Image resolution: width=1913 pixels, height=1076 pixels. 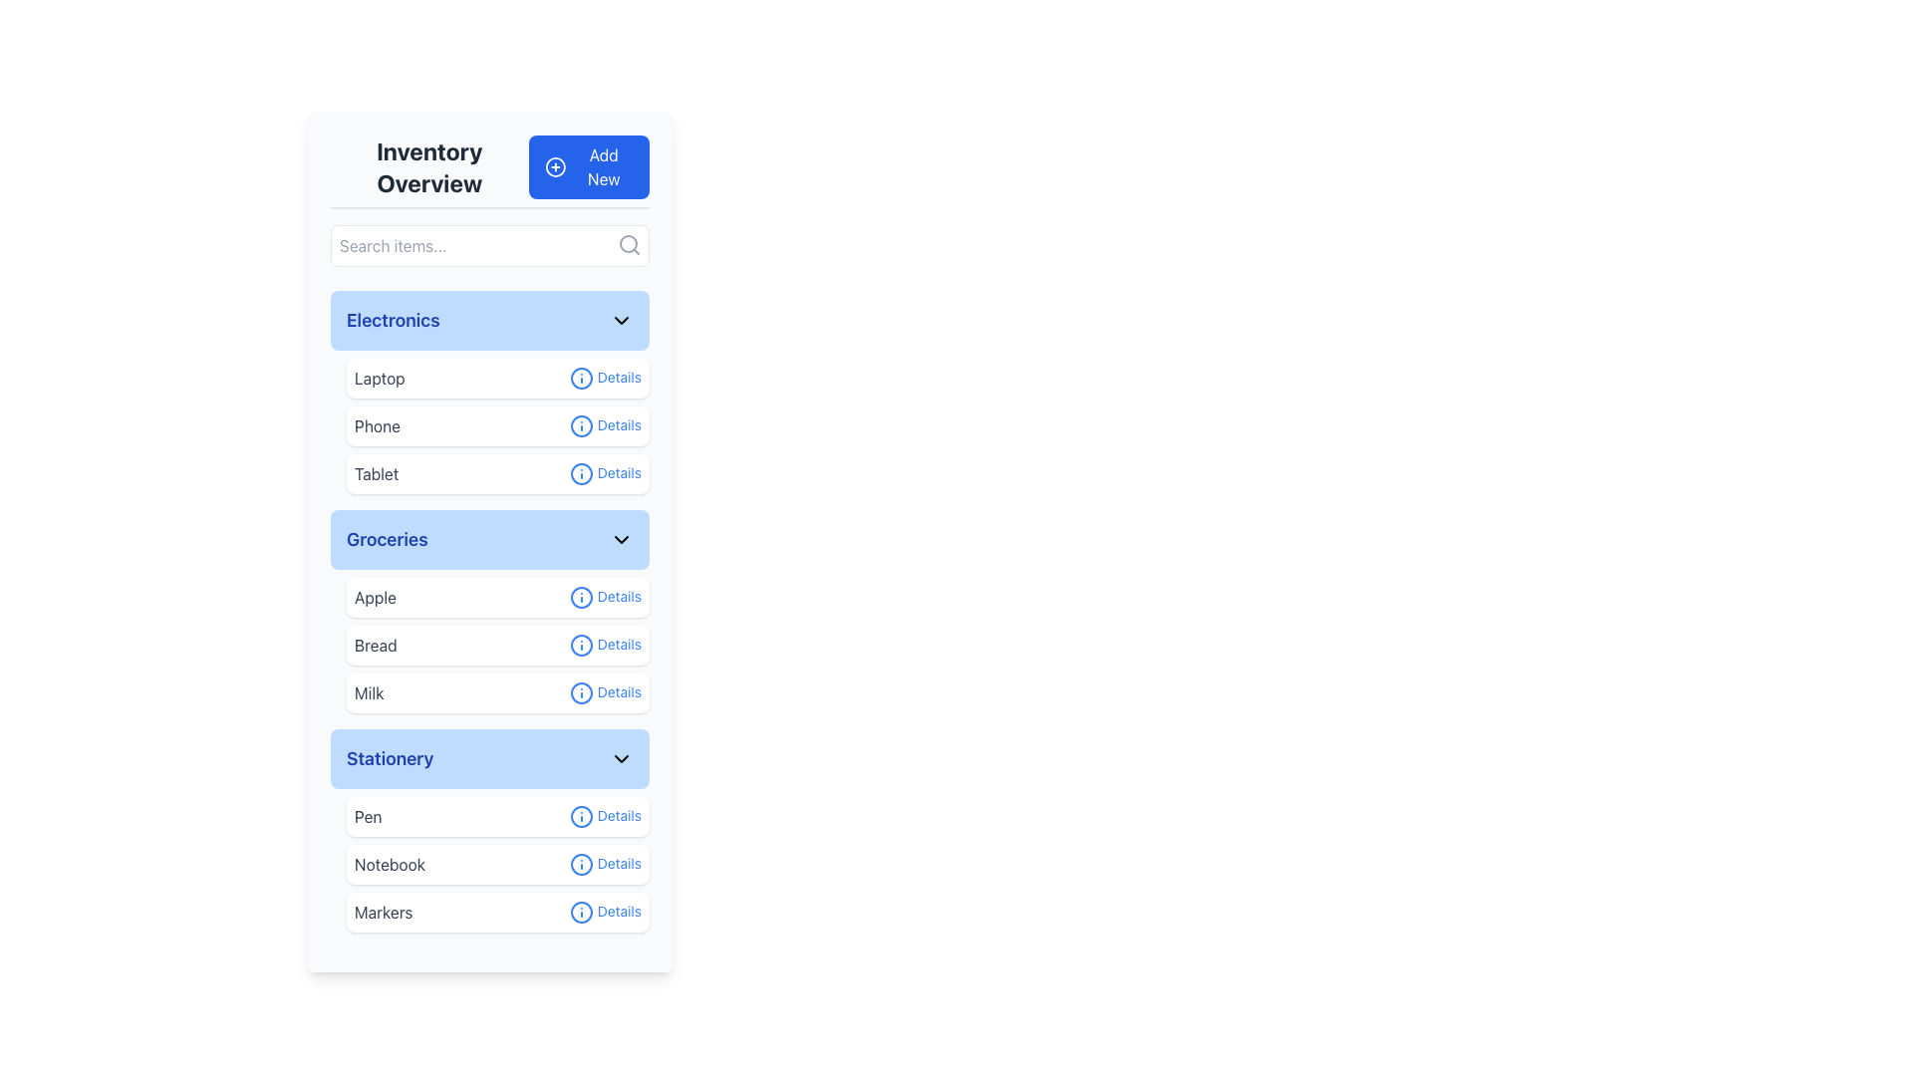 I want to click on the downward-pointing chevron icon styled as part of the 'lucide' library, located at the top right of the blue 'Electronics' header section, so click(x=621, y=319).